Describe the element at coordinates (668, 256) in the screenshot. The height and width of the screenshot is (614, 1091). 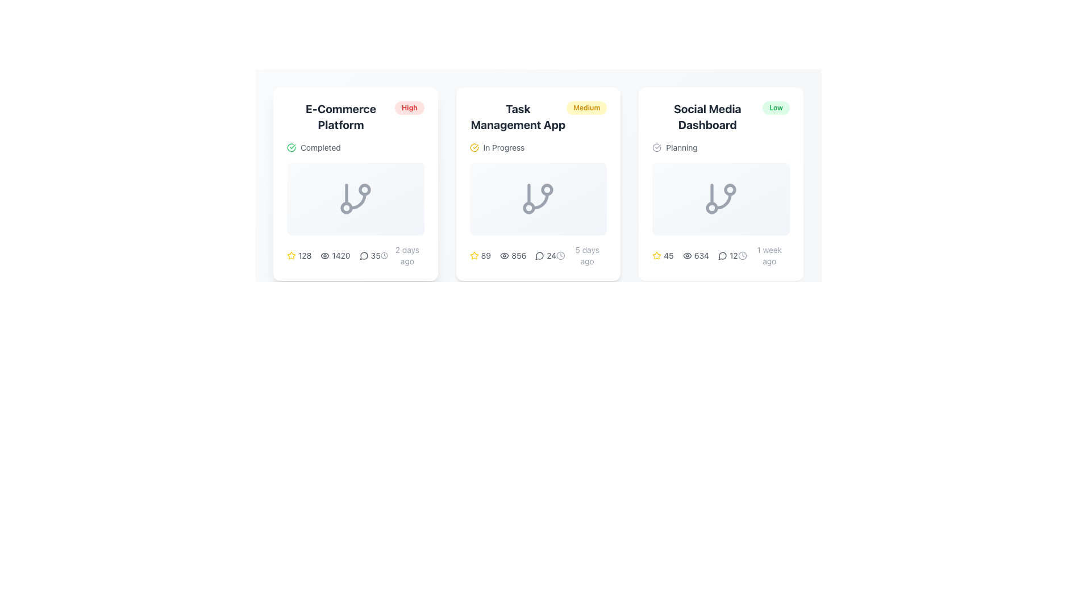
I see `the text label indicating the number of ratings or score associated with the 'Social Media Dashboard' card, located in the bottom section of the card to the right of the yellow star icon` at that location.